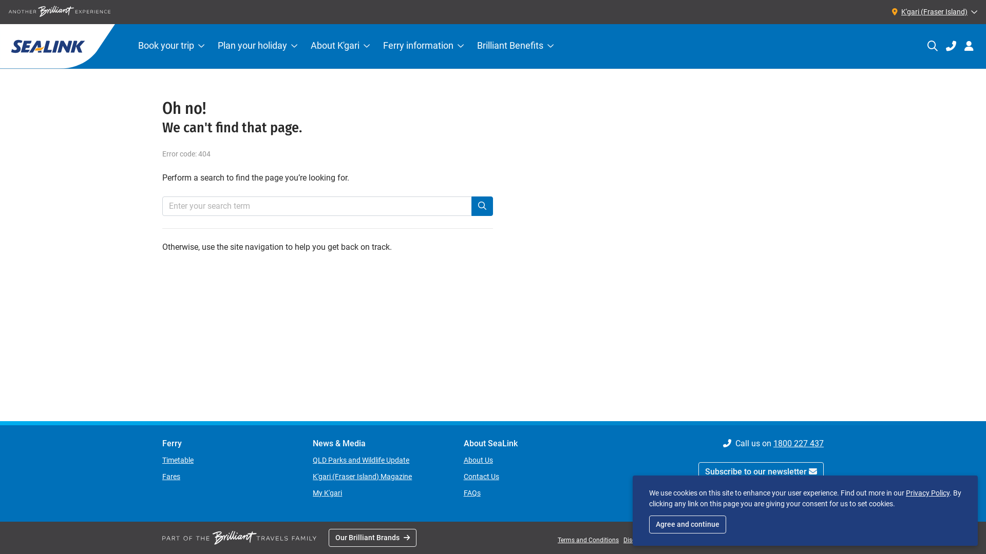 This screenshot has width=986, height=554. What do you see at coordinates (312, 460) in the screenshot?
I see `'QLD Parks and Wildlife Update'` at bounding box center [312, 460].